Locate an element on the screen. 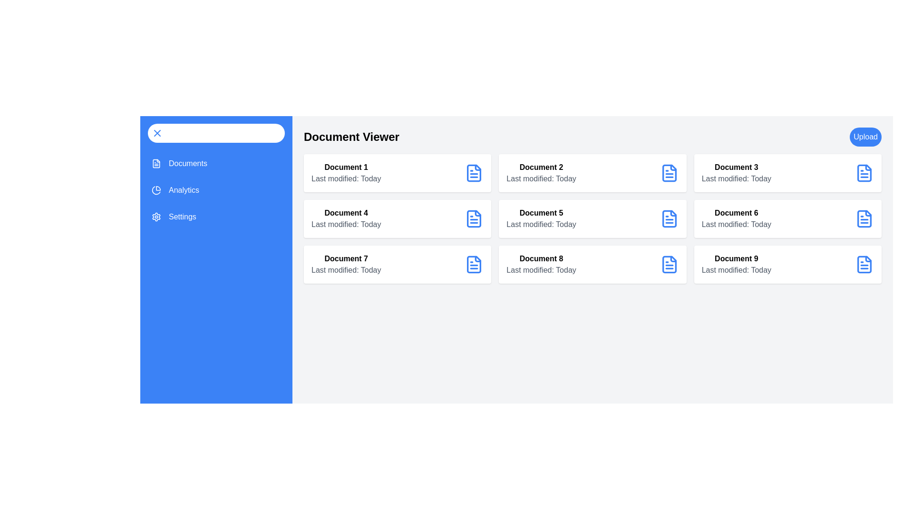 This screenshot has width=913, height=514. the menu item Settings from the sidebar menu is located at coordinates (216, 217).